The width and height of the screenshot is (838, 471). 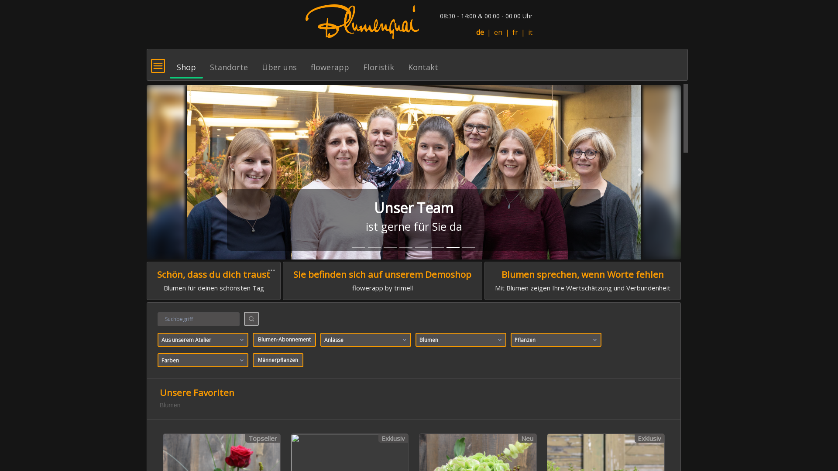 What do you see at coordinates (186, 172) in the screenshot?
I see `'Previous'` at bounding box center [186, 172].